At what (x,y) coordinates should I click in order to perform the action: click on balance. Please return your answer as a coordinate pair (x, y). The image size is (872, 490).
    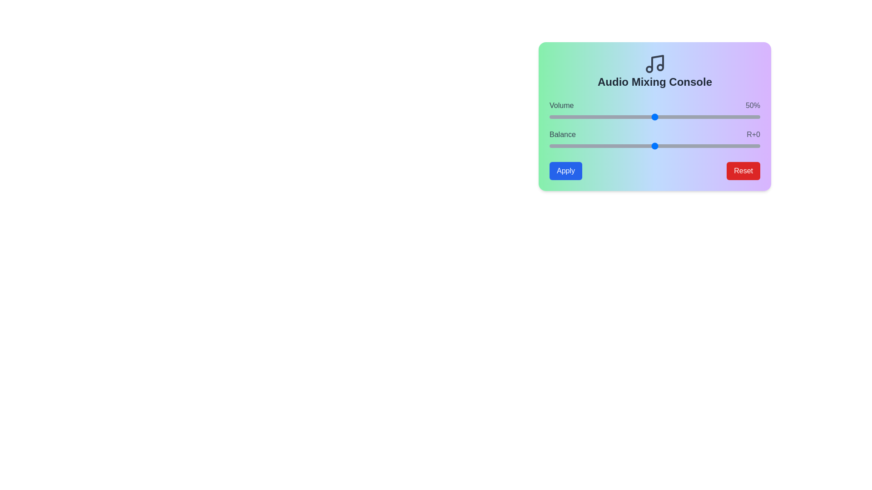
    Looking at the image, I should click on (652, 145).